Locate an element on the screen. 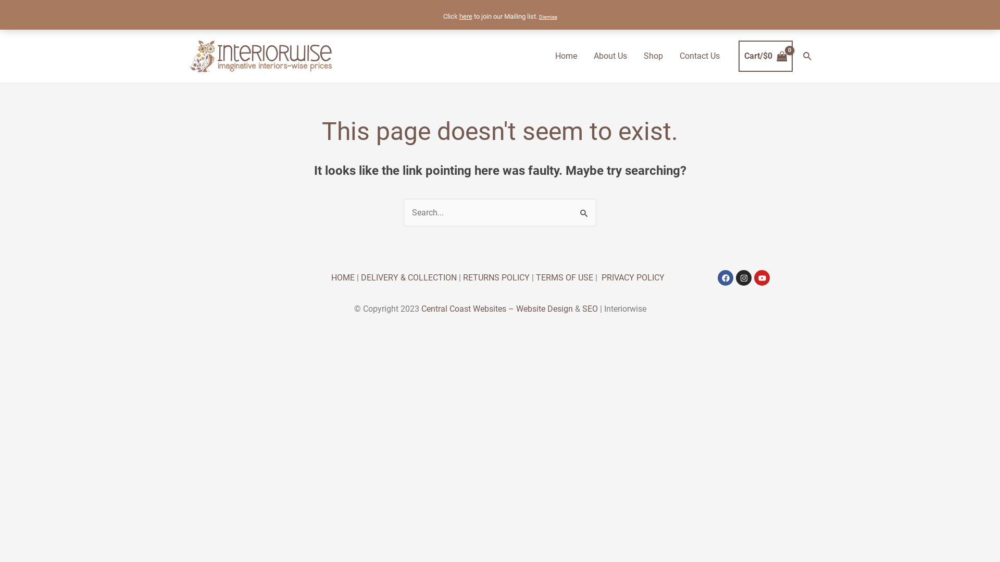  'DELIVERY & COLLECTION' is located at coordinates (360, 277).